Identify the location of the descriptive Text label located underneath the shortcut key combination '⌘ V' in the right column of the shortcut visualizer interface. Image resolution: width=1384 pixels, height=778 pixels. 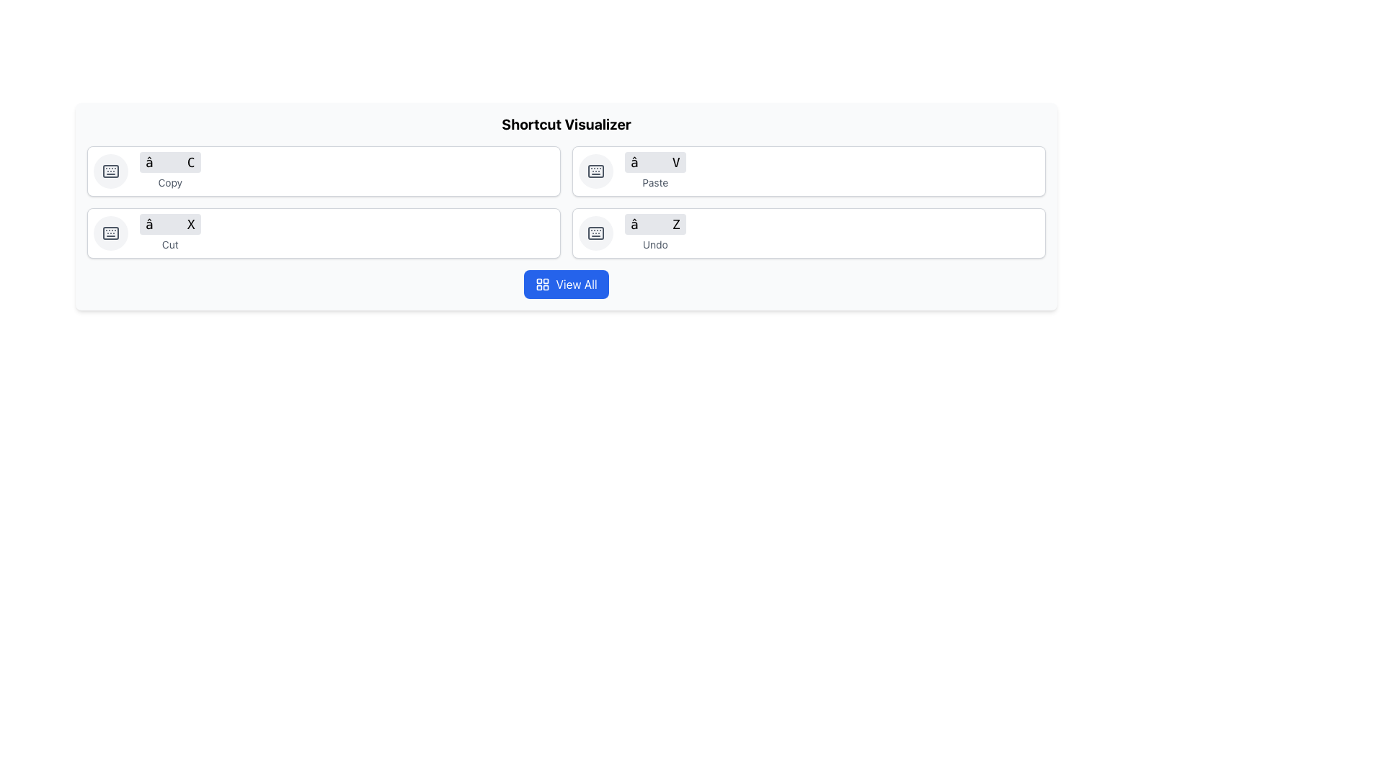
(655, 182).